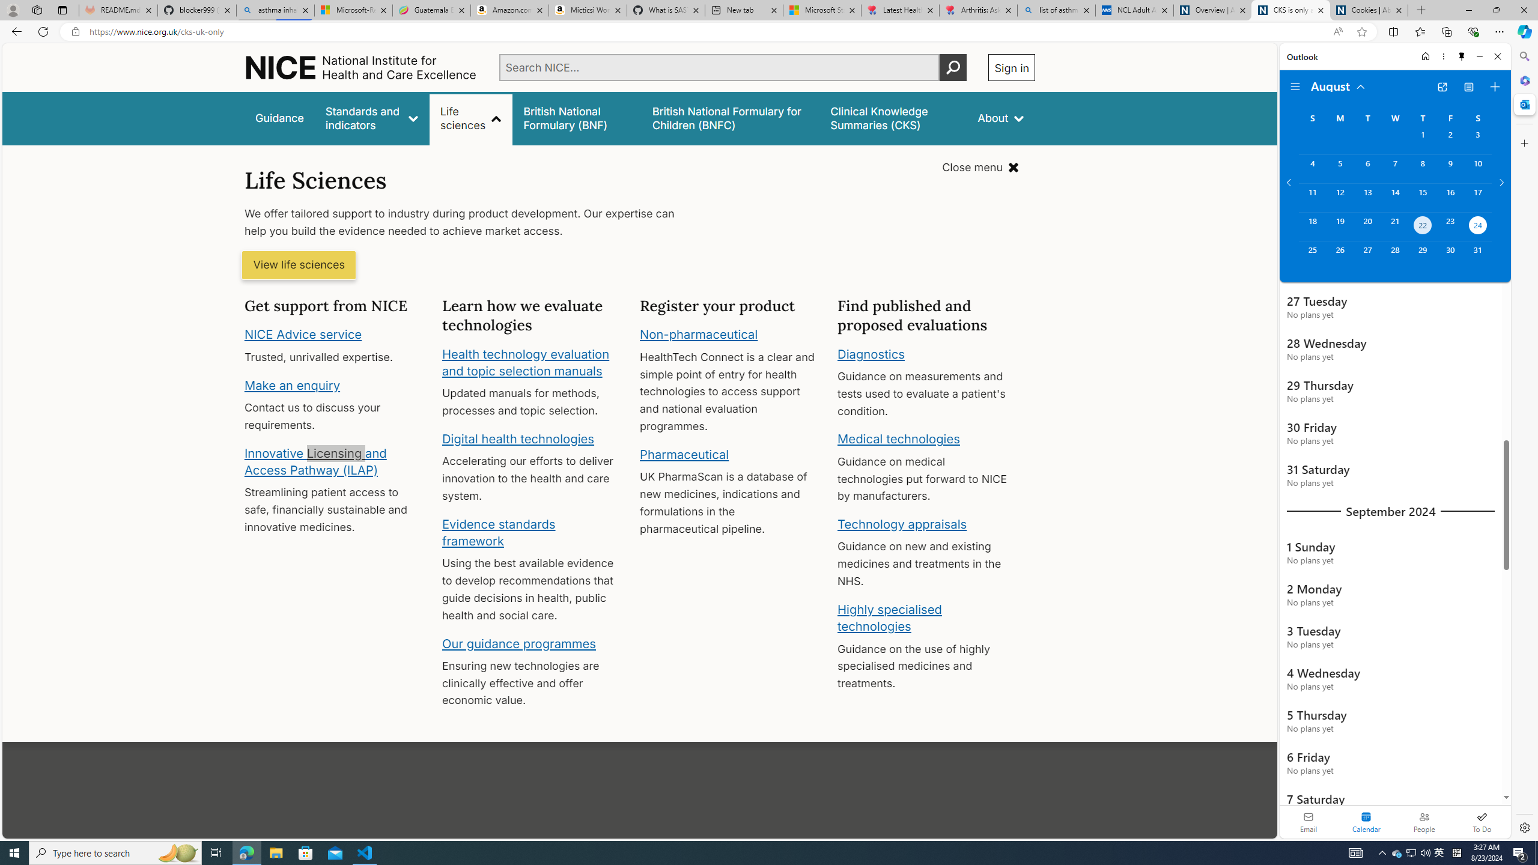 This screenshot has height=865, width=1538. Describe the element at coordinates (1394, 255) in the screenshot. I see `'Wednesday, August 28, 2024. '` at that location.